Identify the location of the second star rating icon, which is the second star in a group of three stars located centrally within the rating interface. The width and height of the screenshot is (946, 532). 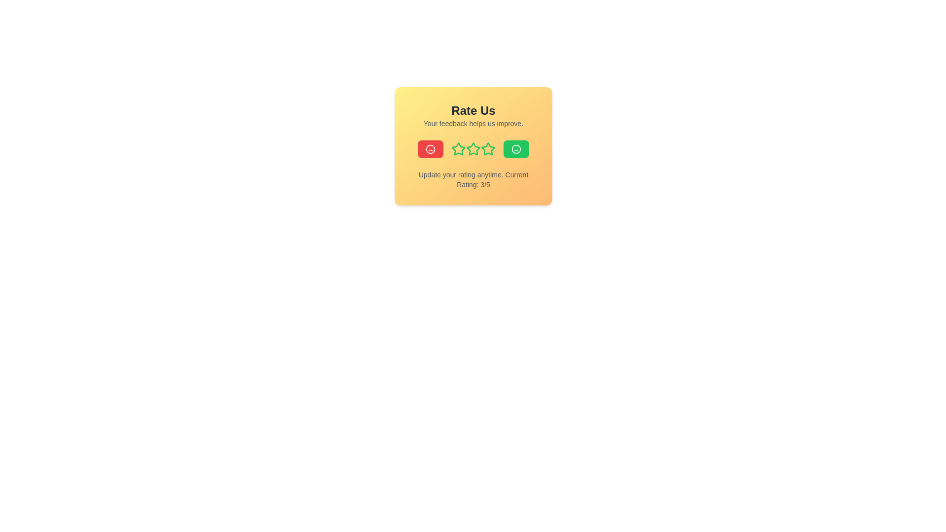
(473, 149).